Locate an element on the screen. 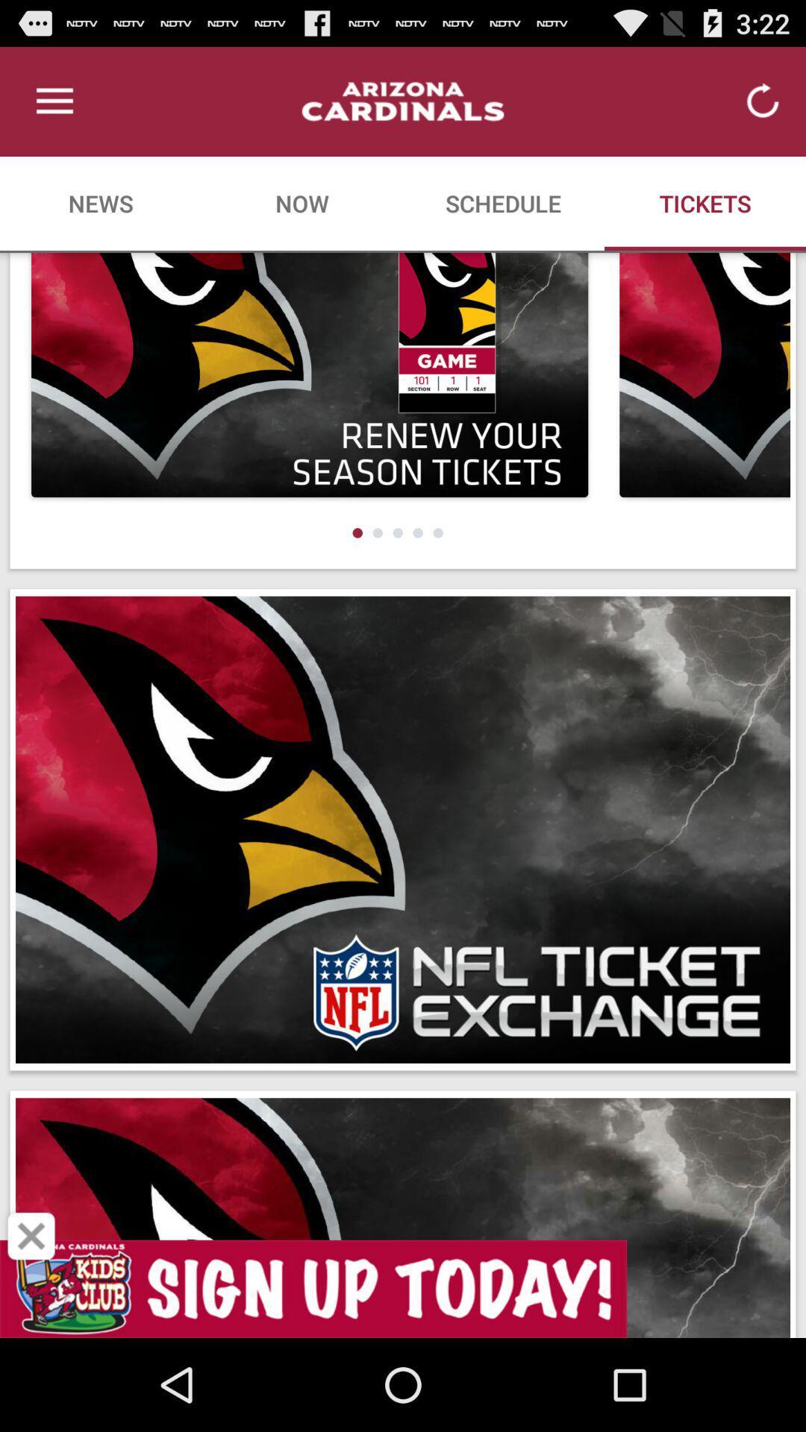 The height and width of the screenshot is (1432, 806). favorite is located at coordinates (31, 1236).